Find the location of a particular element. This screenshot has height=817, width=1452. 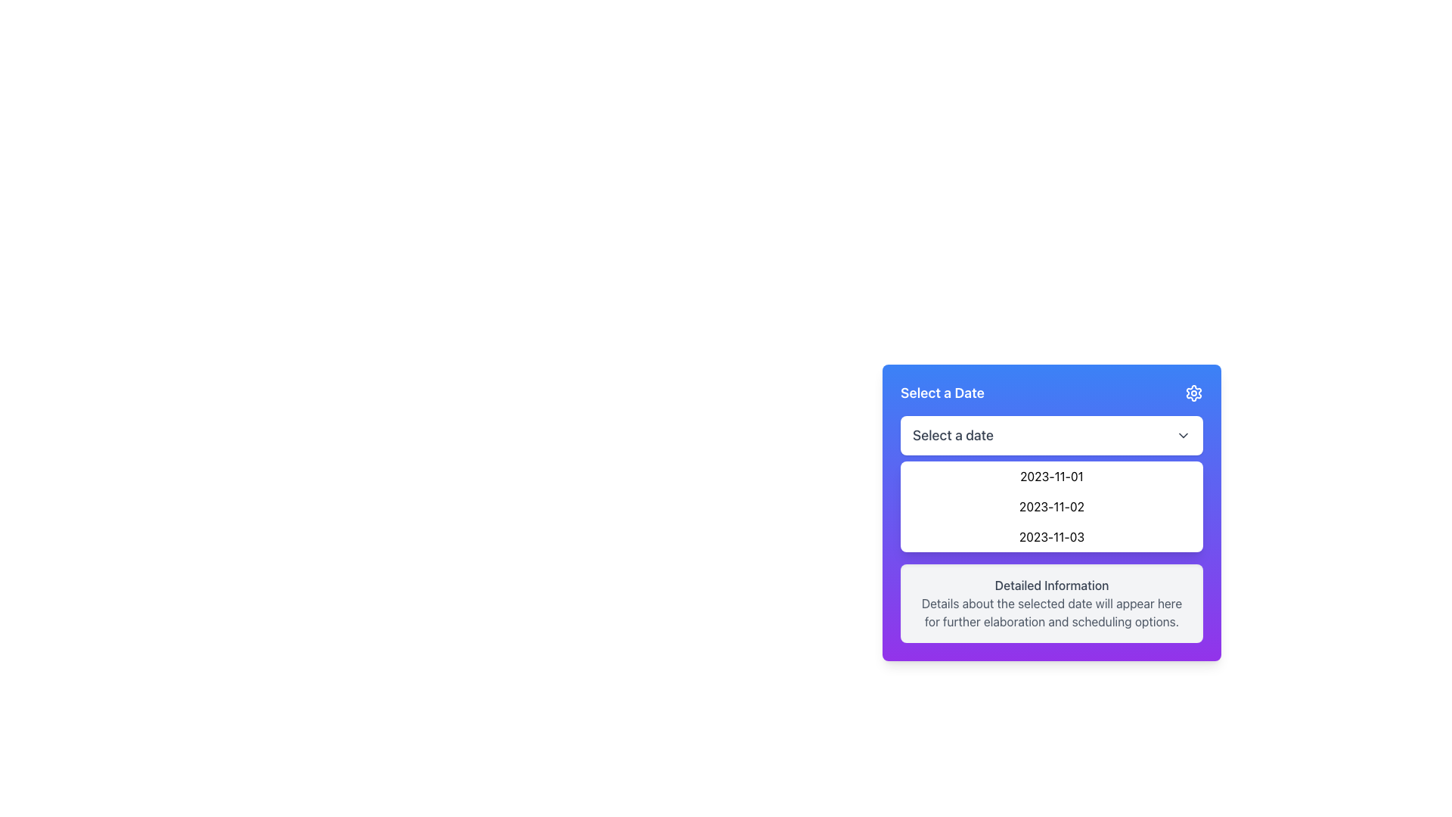

the first option '2023-11-01' in the dropdown menu styled with a white background and light purple border, located below the 'Select a Date' title is located at coordinates (1051, 484).